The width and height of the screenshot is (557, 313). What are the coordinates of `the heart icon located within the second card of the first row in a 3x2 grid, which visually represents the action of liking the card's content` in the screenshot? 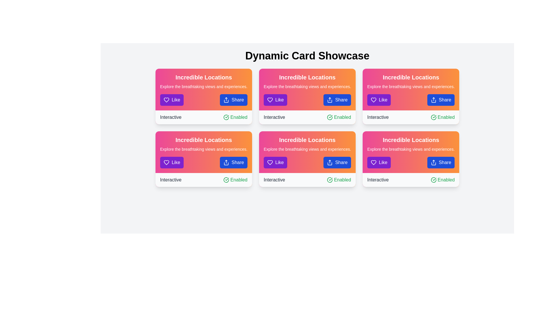 It's located at (270, 99).